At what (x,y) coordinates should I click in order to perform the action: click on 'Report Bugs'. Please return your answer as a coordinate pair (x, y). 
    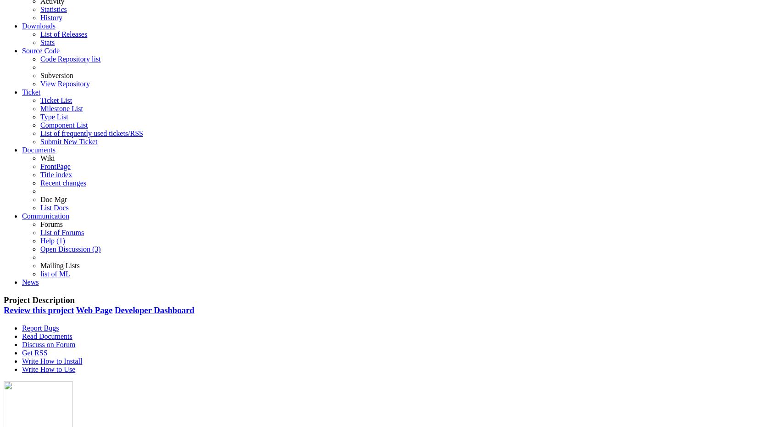
    Looking at the image, I should click on (40, 327).